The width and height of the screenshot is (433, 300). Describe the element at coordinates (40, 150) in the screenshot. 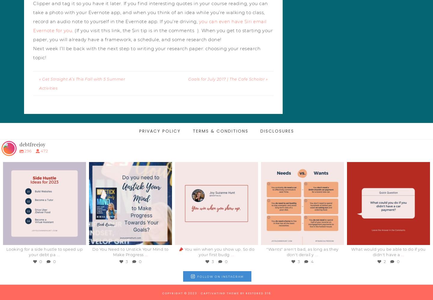

I see `'472'` at that location.